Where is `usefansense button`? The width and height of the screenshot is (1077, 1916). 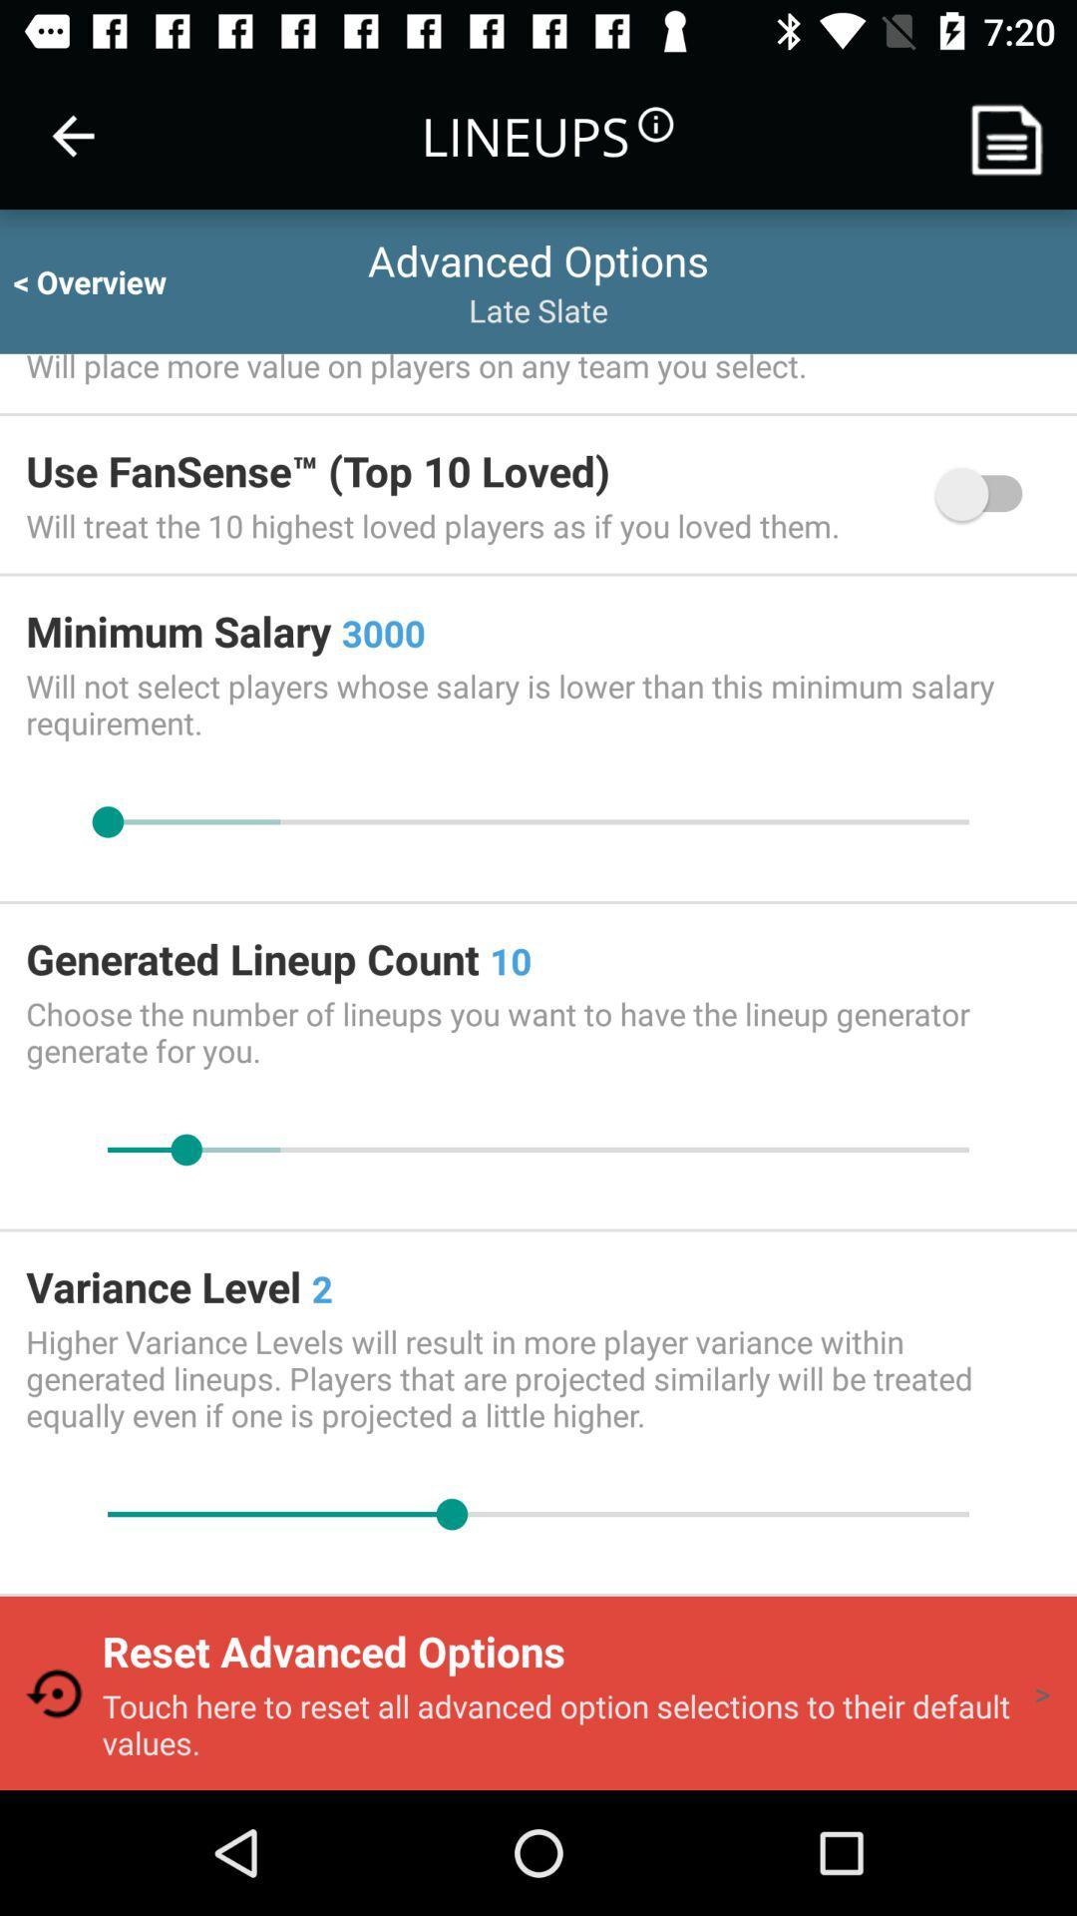
usefansense button is located at coordinates (988, 494).